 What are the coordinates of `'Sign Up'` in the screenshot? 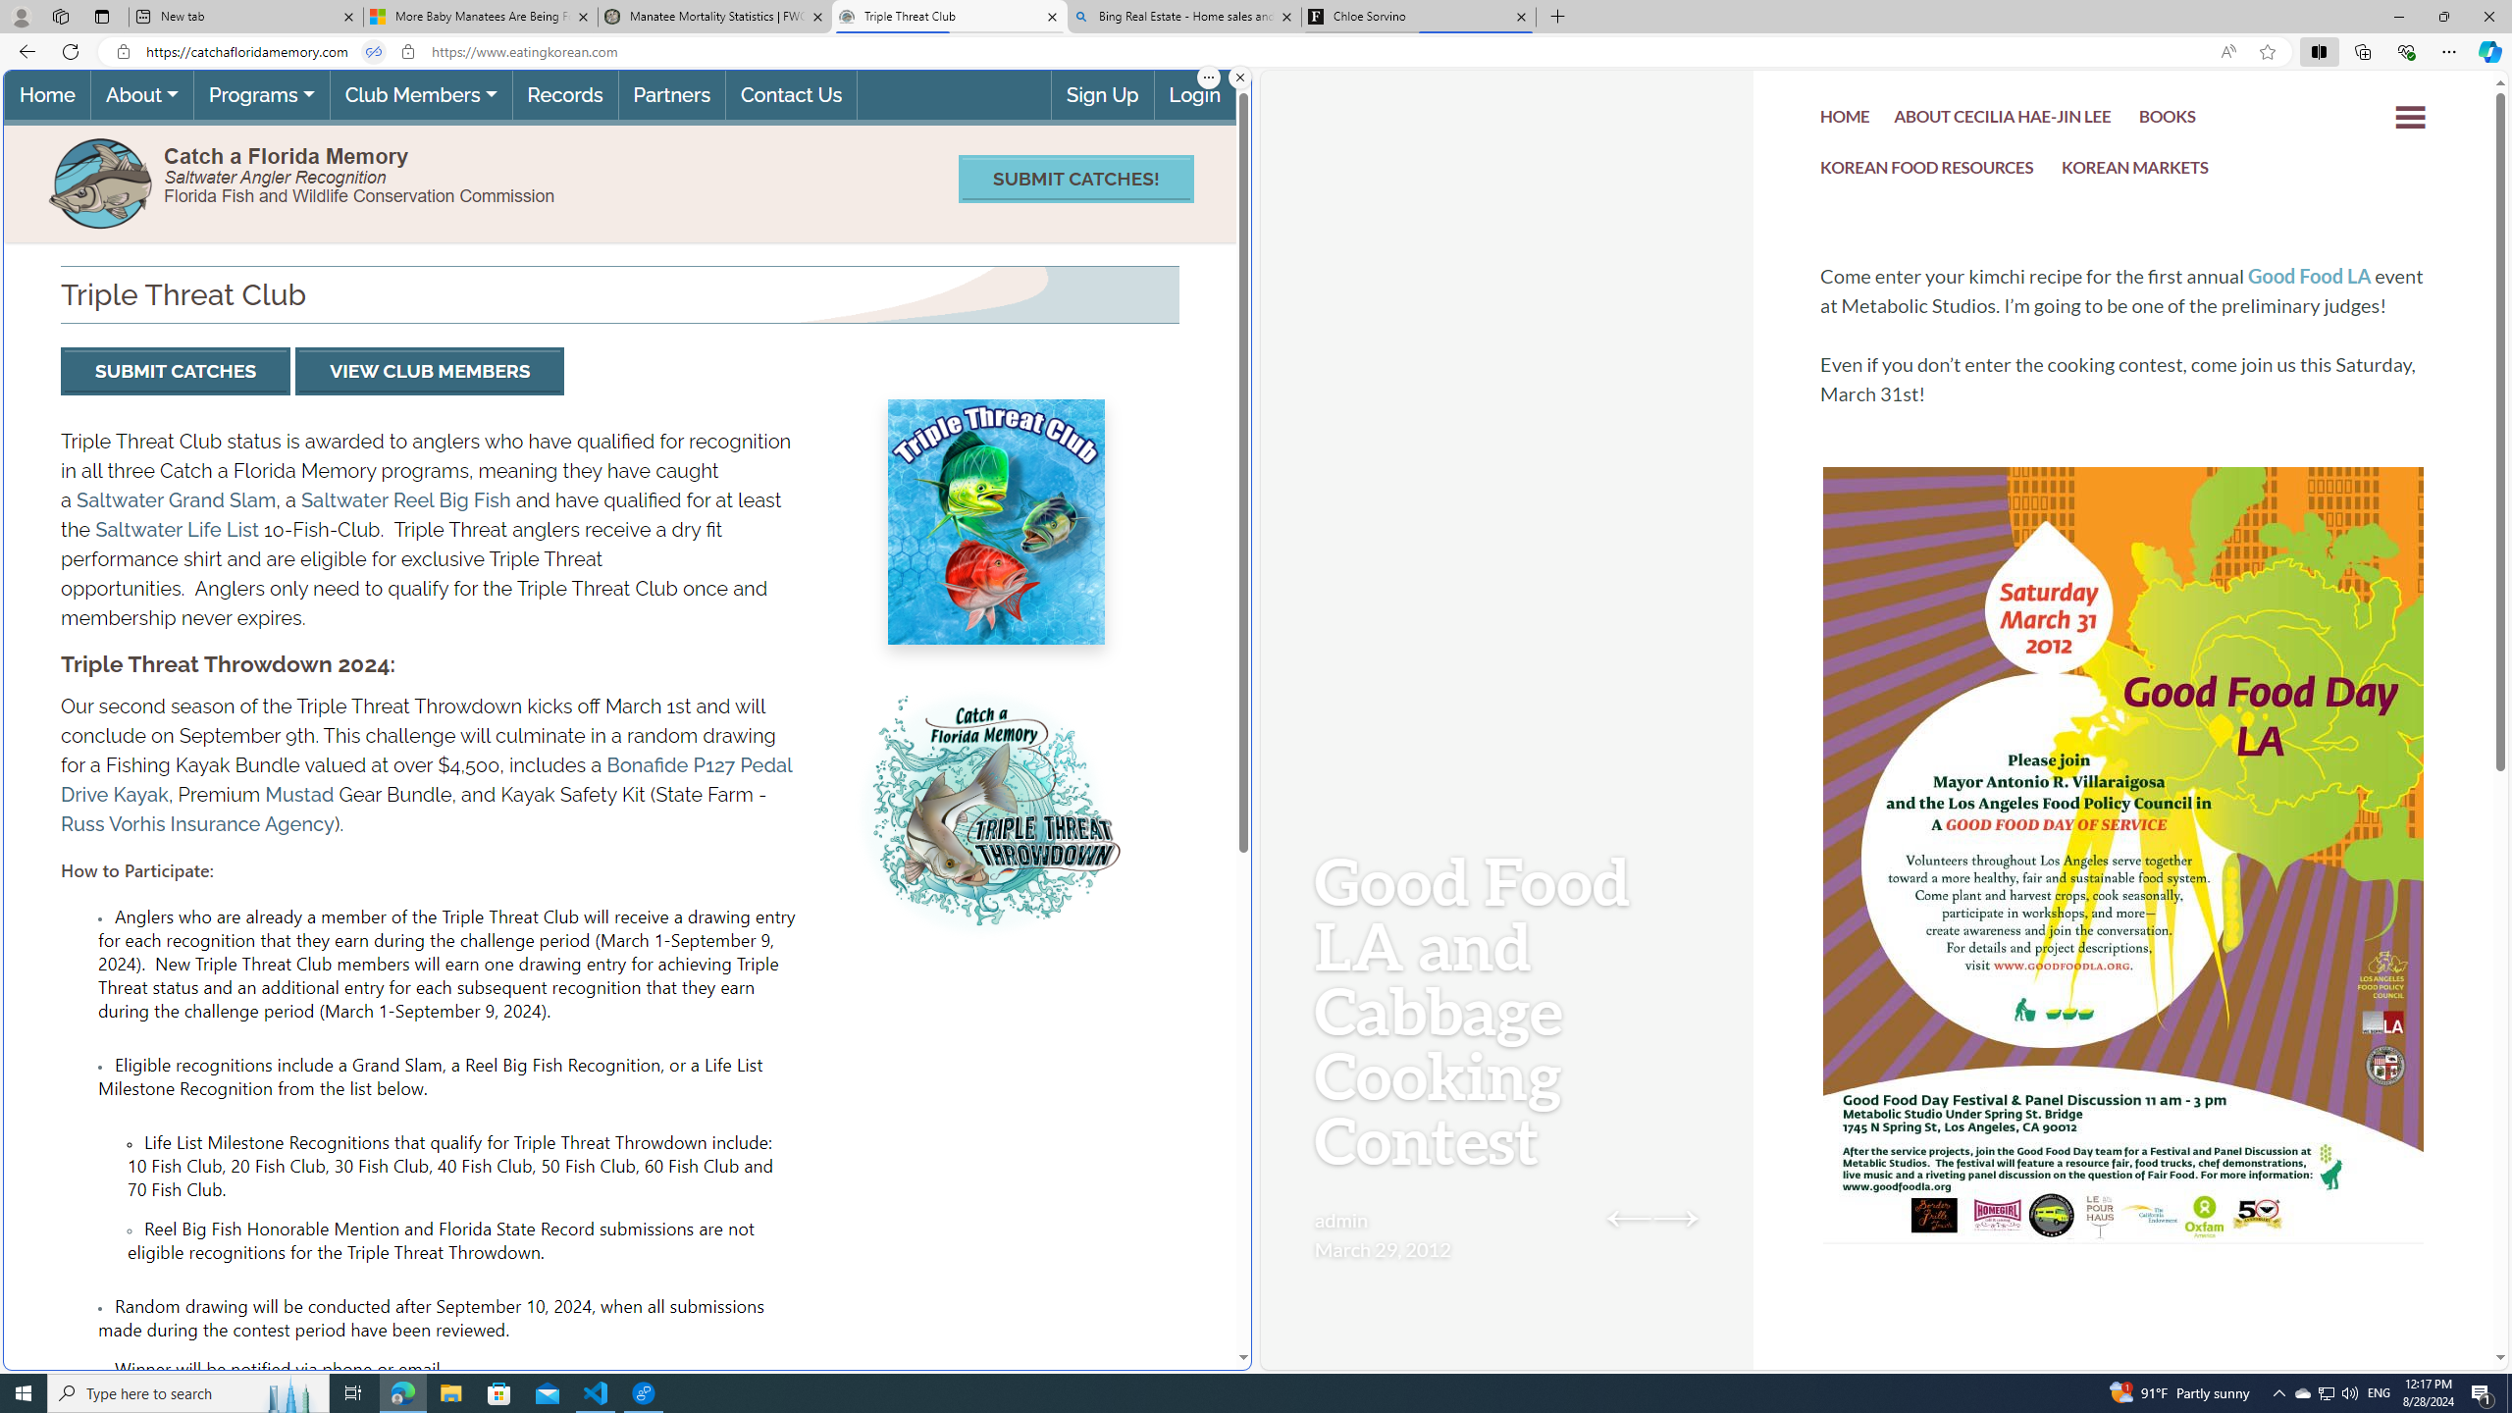 It's located at (1100, 94).